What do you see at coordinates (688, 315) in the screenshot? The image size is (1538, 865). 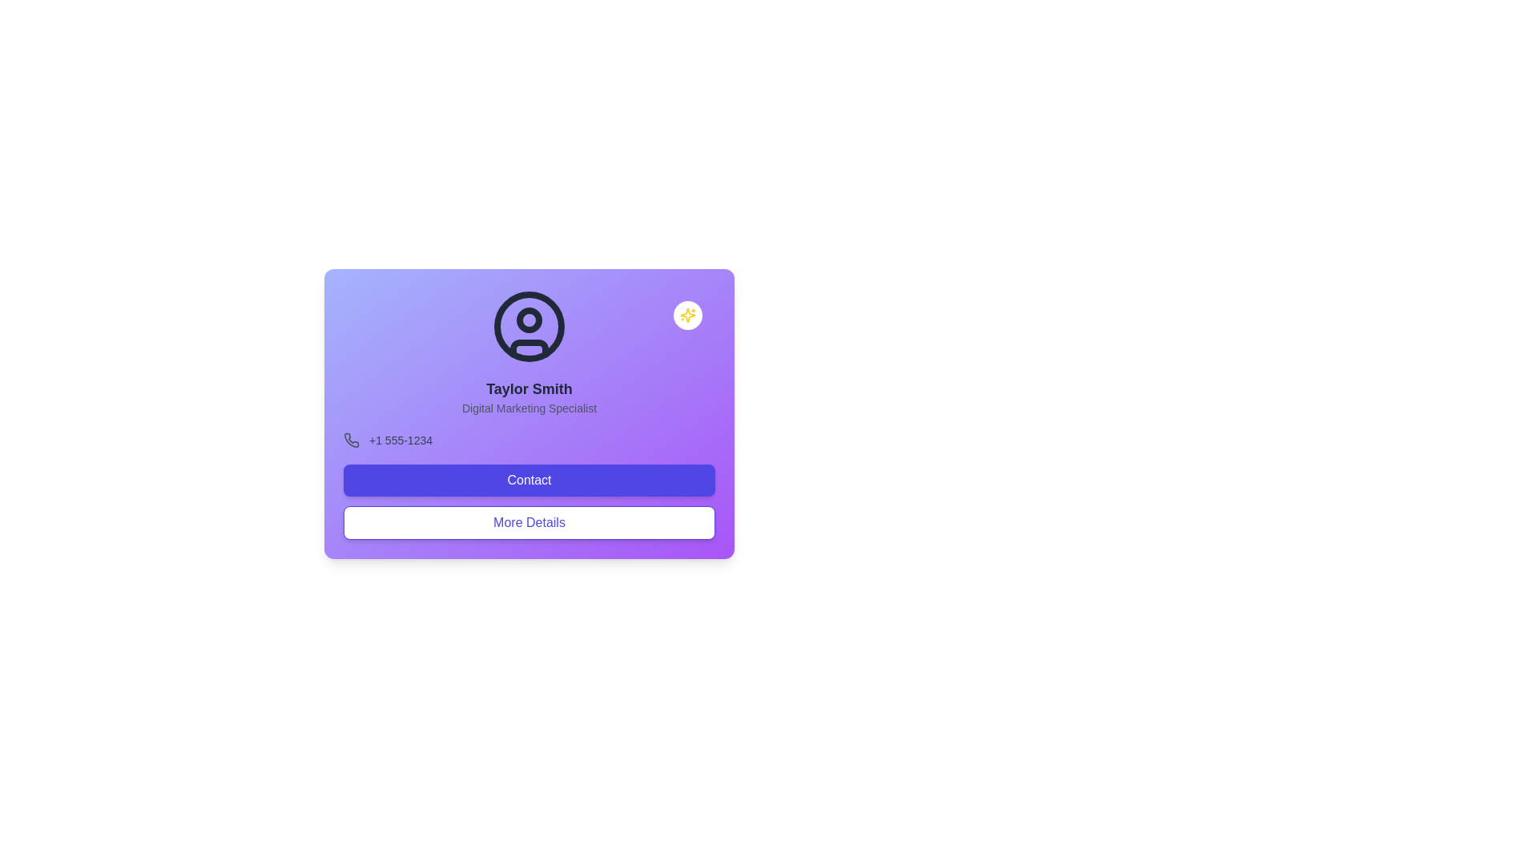 I see `the icon located in the top-right corner of the 'Taylor Smith' profile card for interaction` at bounding box center [688, 315].